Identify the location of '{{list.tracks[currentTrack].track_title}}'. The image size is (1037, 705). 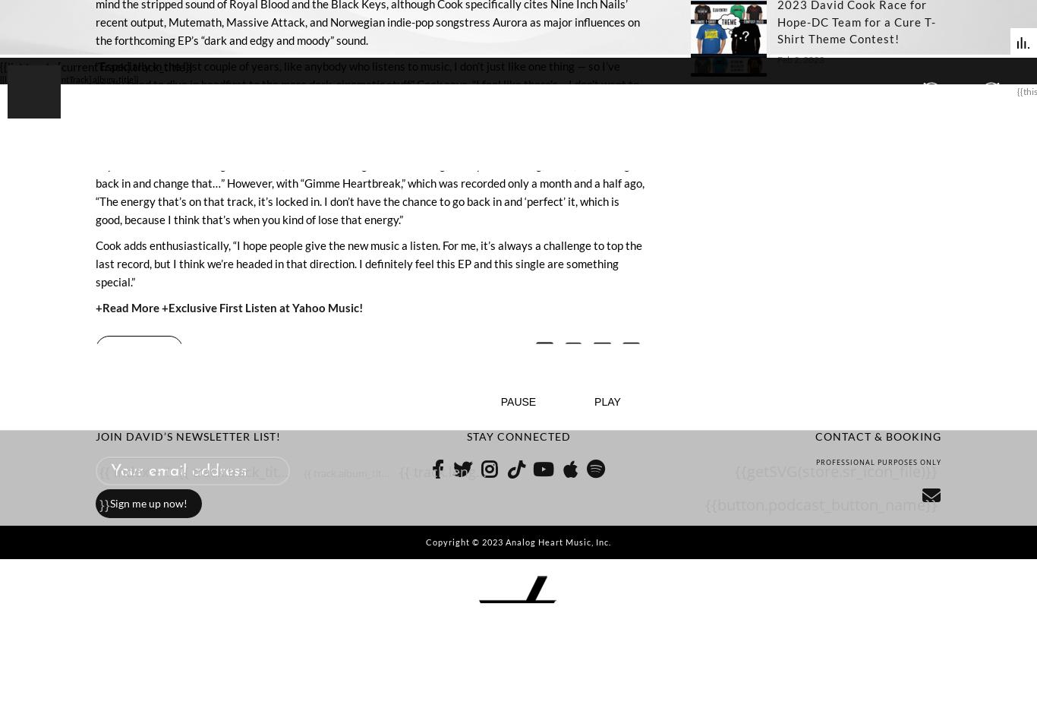
(96, 65).